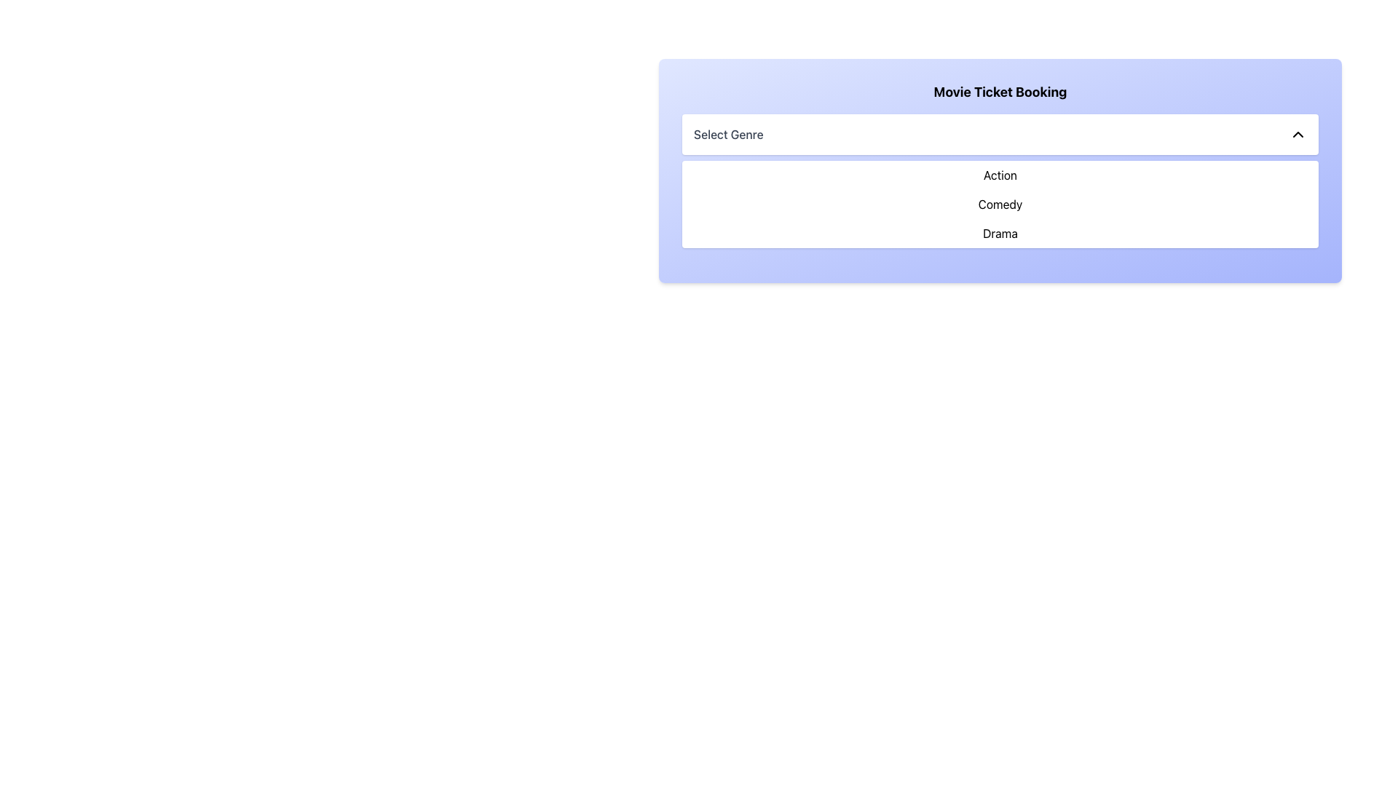 This screenshot has width=1398, height=786. Describe the element at coordinates (999, 135) in the screenshot. I see `the dropdown selector for selecting a genre in the 'Movie Ticket Booking' section to focus on it` at that location.